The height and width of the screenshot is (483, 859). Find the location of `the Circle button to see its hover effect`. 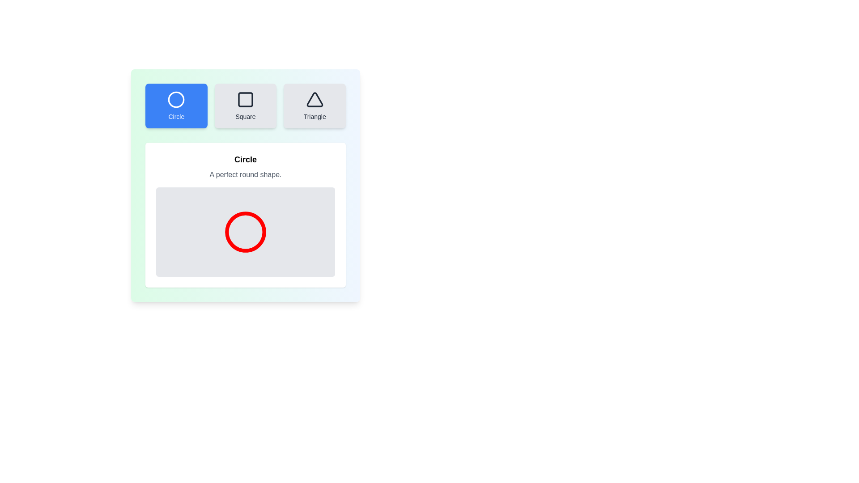

the Circle button to see its hover effect is located at coordinates (176, 105).